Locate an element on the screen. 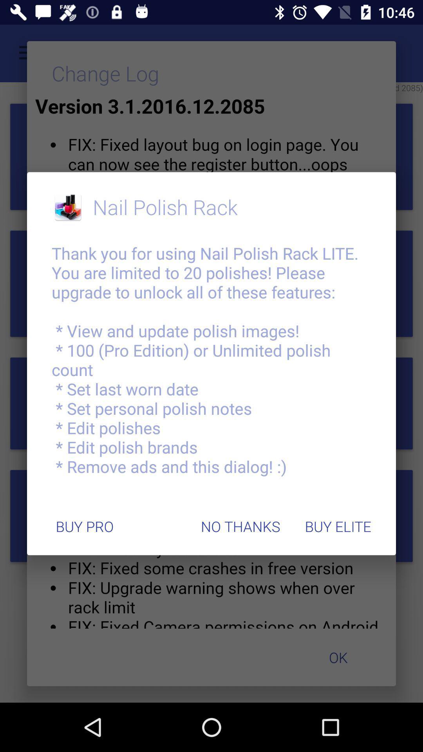  the item below the thank you for item is located at coordinates (240, 526).